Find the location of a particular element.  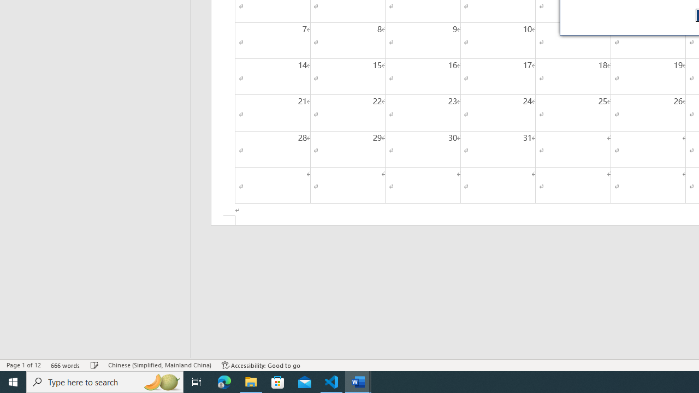

'Search highlights icon opens search home window' is located at coordinates (161, 381).